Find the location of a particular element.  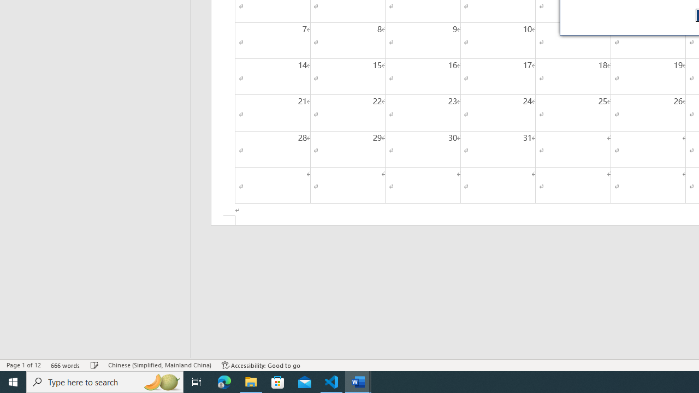

'Search highlights icon opens search home window' is located at coordinates (161, 381).